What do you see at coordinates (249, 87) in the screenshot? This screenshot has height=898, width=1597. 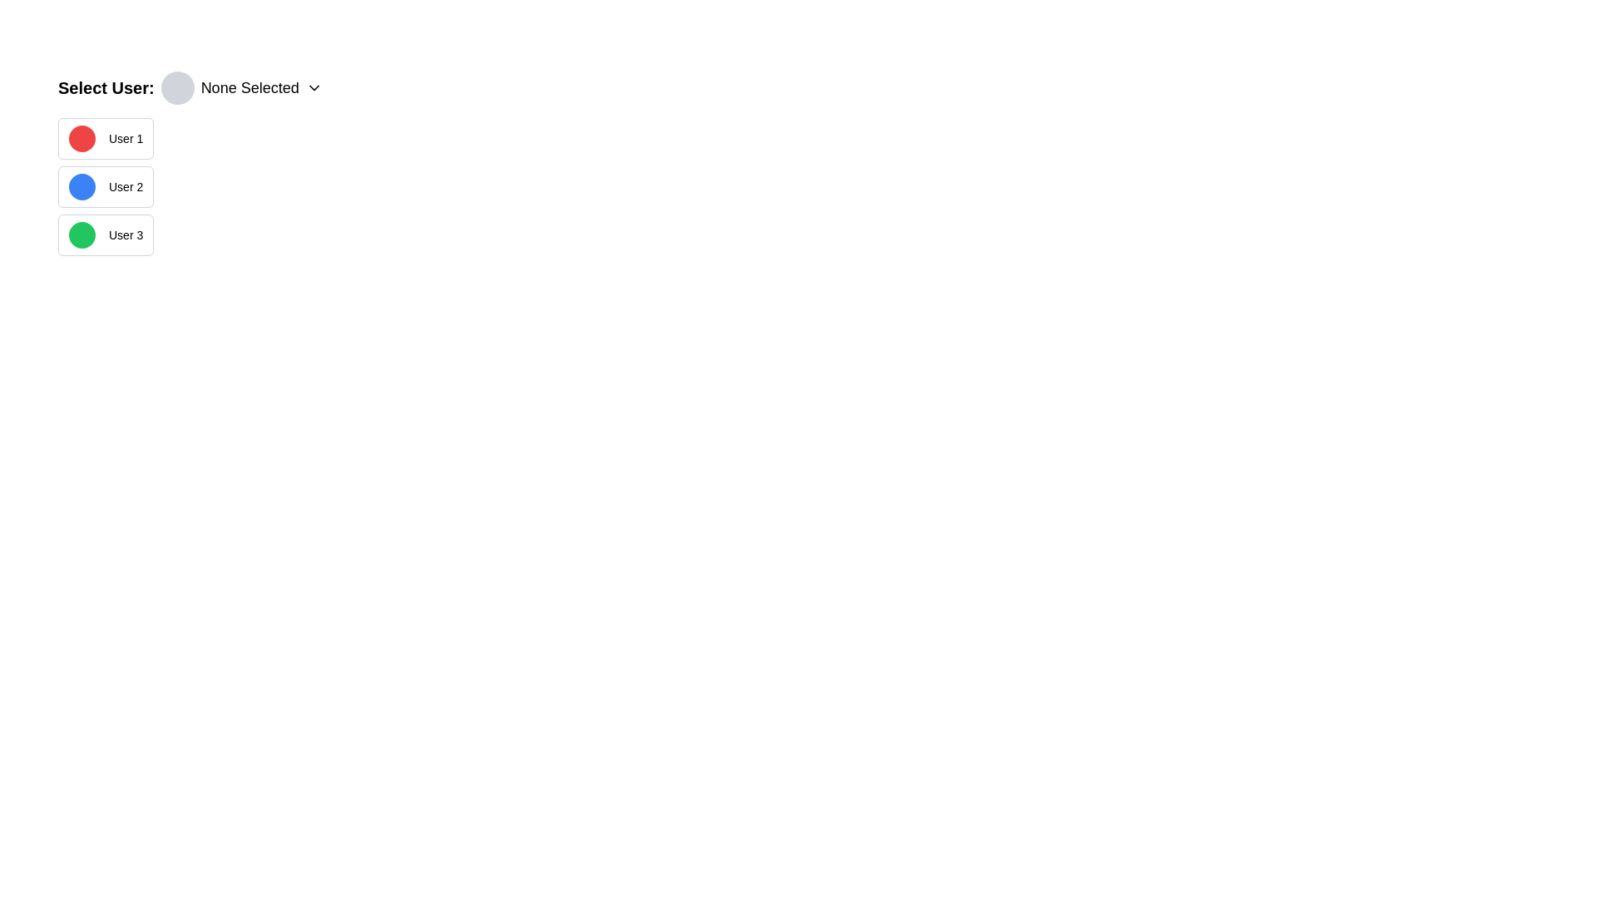 I see `the static text label displaying 'None Selected', which is styled with a larger font size and a bold typeface, positioned centrally in its row next to a circular gray icon and a chevron-down icon` at bounding box center [249, 87].